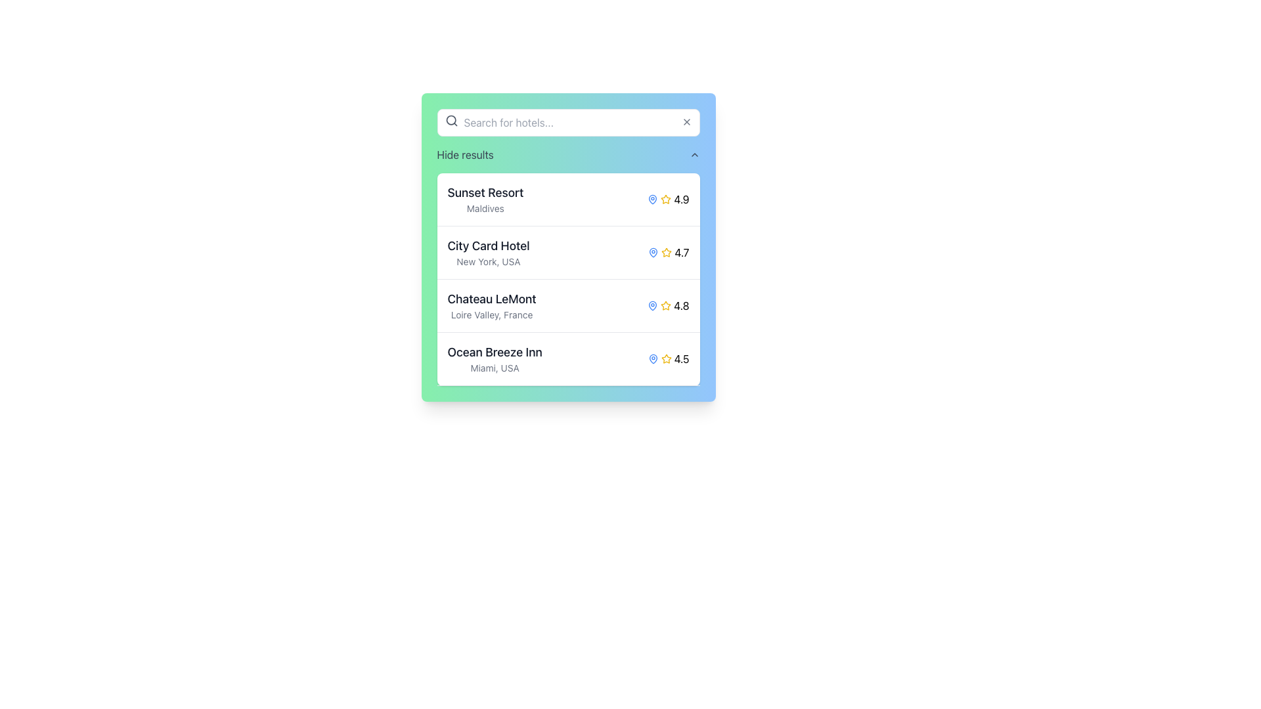 This screenshot has height=709, width=1261. What do you see at coordinates (491, 299) in the screenshot?
I see `text content of the hotel name 'Chateau LeMont' displayed in the selection interface, located beneath 'City Card Hotel'` at bounding box center [491, 299].